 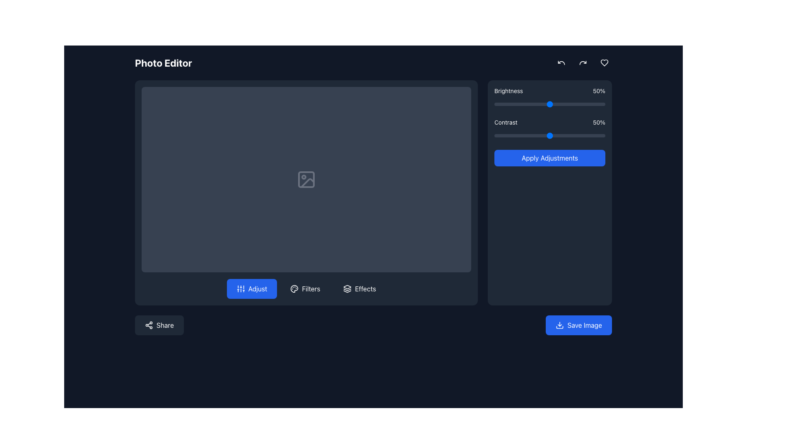 I want to click on the share button located at the bottom left corner of the interface, so click(x=159, y=324).